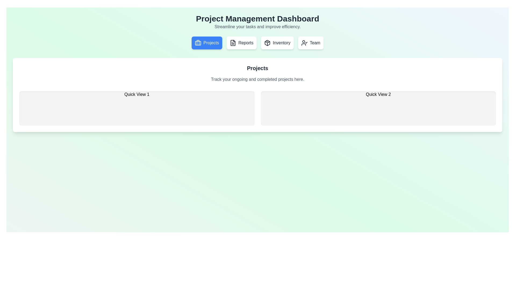  Describe the element at coordinates (233, 42) in the screenshot. I see `the 'Report' icon element located in the dashboard header, positioned between the 'Projects' and 'Inventory' icons` at that location.